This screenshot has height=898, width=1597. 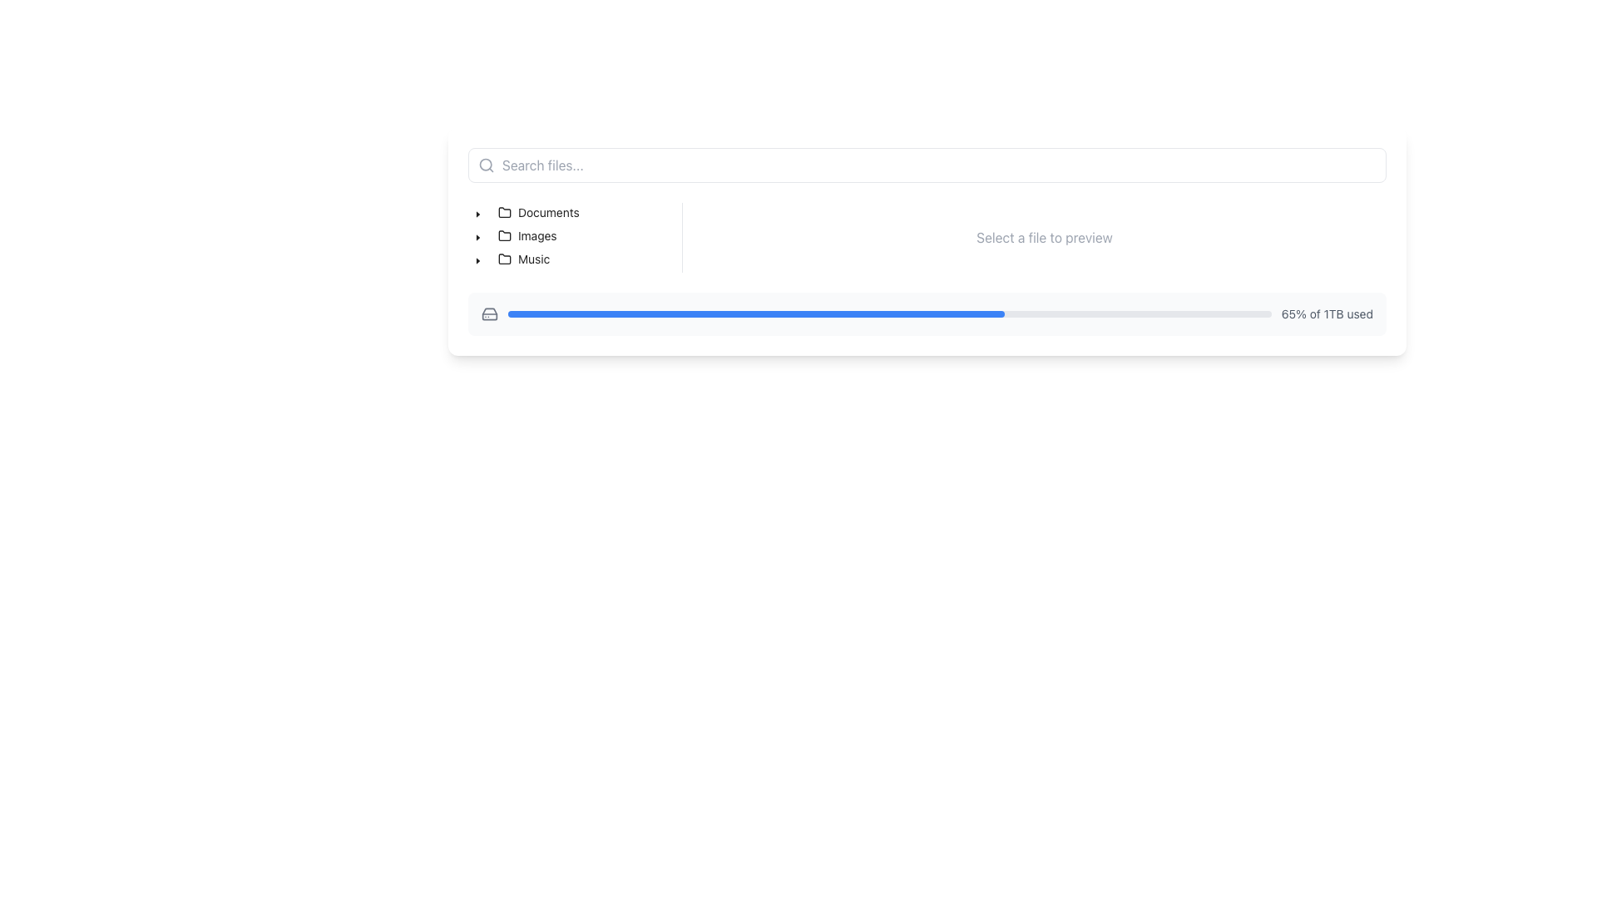 What do you see at coordinates (522, 259) in the screenshot?
I see `the 'Music' folder node in the file tree structure` at bounding box center [522, 259].